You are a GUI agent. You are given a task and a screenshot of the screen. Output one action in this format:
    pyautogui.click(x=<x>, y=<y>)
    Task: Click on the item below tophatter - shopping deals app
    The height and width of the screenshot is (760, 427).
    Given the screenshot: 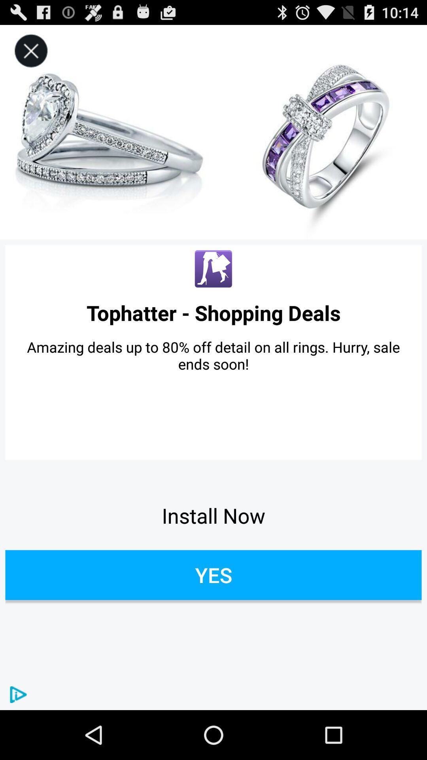 What is the action you would take?
    pyautogui.click(x=213, y=355)
    